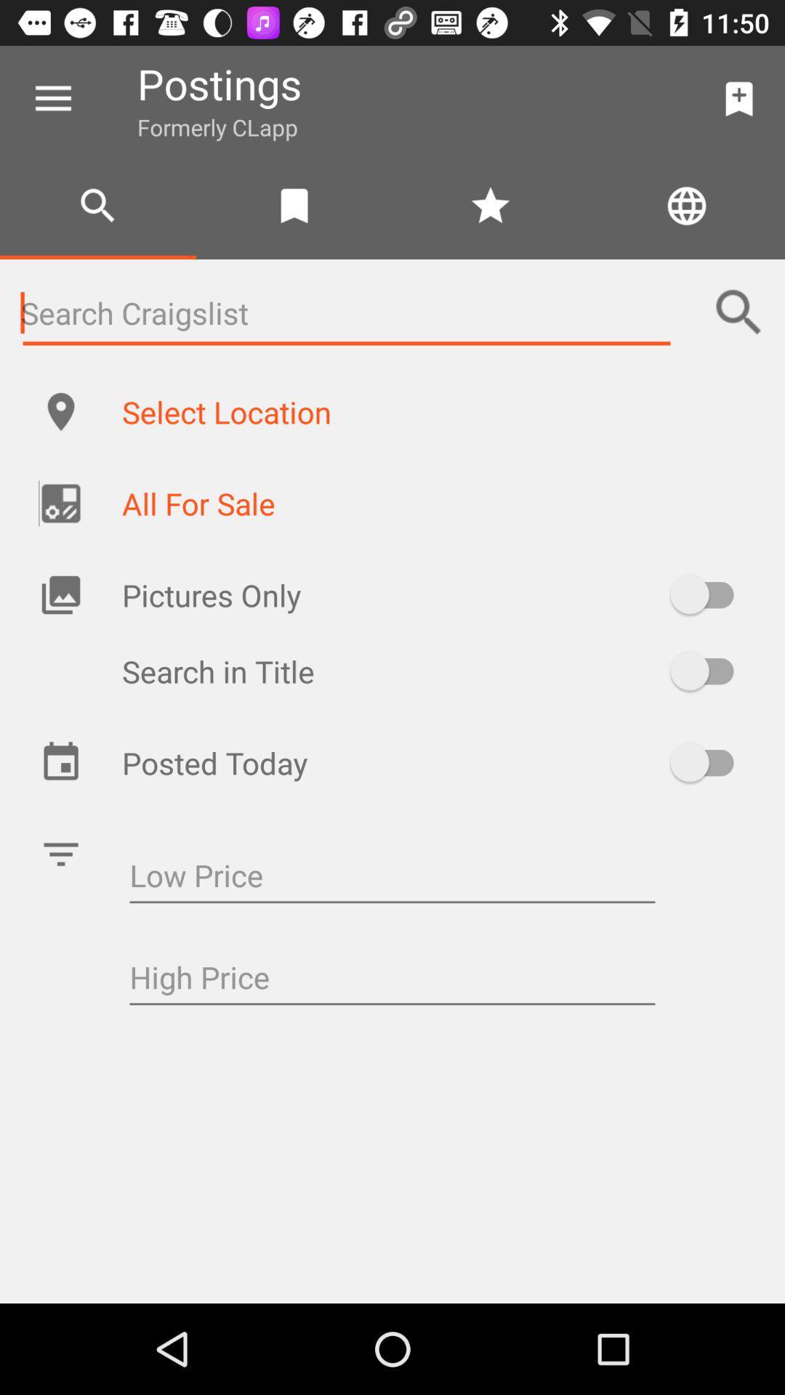  Describe the element at coordinates (392, 979) in the screenshot. I see `type high price` at that location.